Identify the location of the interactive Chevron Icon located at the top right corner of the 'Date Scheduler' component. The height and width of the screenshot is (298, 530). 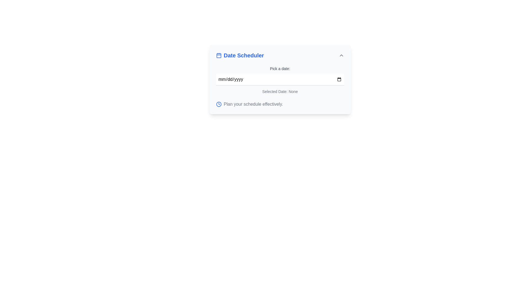
(341, 55).